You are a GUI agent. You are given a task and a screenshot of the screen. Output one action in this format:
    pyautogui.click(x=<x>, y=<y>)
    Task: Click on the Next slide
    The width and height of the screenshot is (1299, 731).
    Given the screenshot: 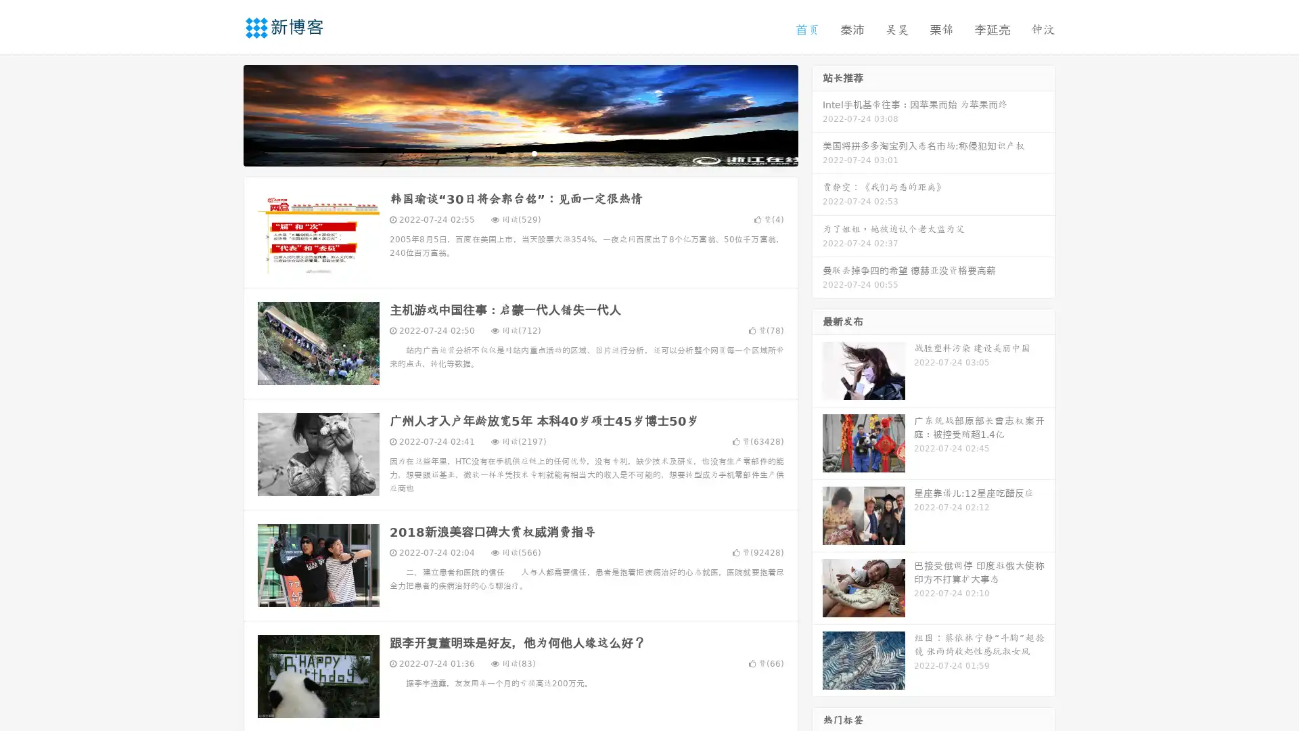 What is the action you would take?
    pyautogui.click(x=817, y=114)
    